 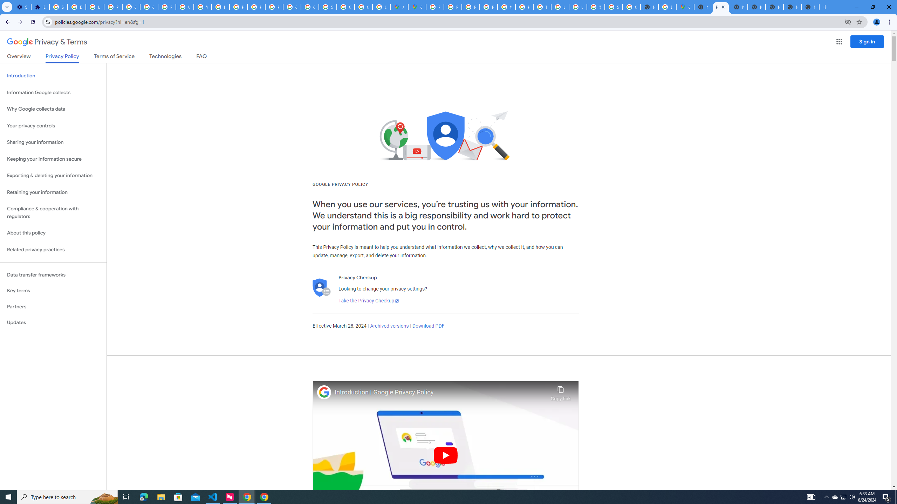 I want to click on 'Related privacy practices', so click(x=53, y=249).